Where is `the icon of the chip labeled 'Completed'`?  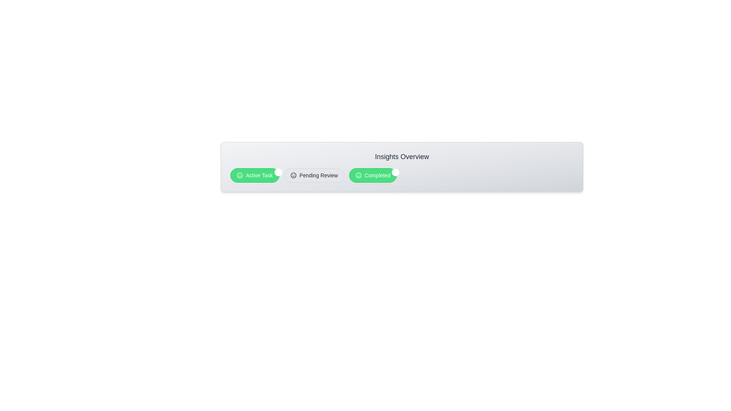 the icon of the chip labeled 'Completed' is located at coordinates (358, 175).